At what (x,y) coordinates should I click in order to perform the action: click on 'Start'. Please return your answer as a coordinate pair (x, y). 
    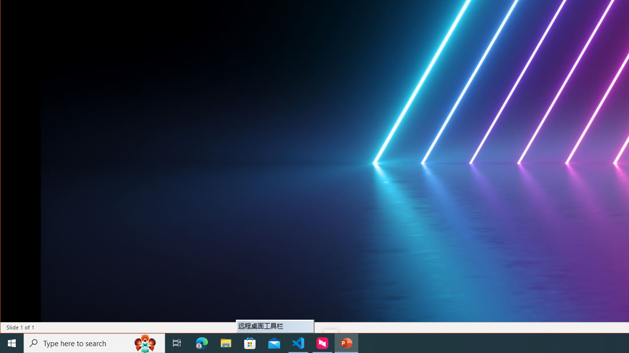
    Looking at the image, I should click on (12, 342).